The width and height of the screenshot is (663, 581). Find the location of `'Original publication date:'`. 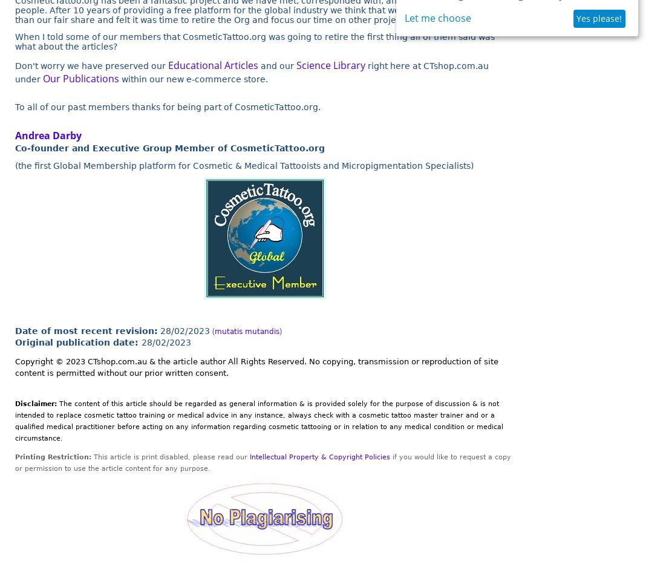

'Original publication date:' is located at coordinates (77, 341).